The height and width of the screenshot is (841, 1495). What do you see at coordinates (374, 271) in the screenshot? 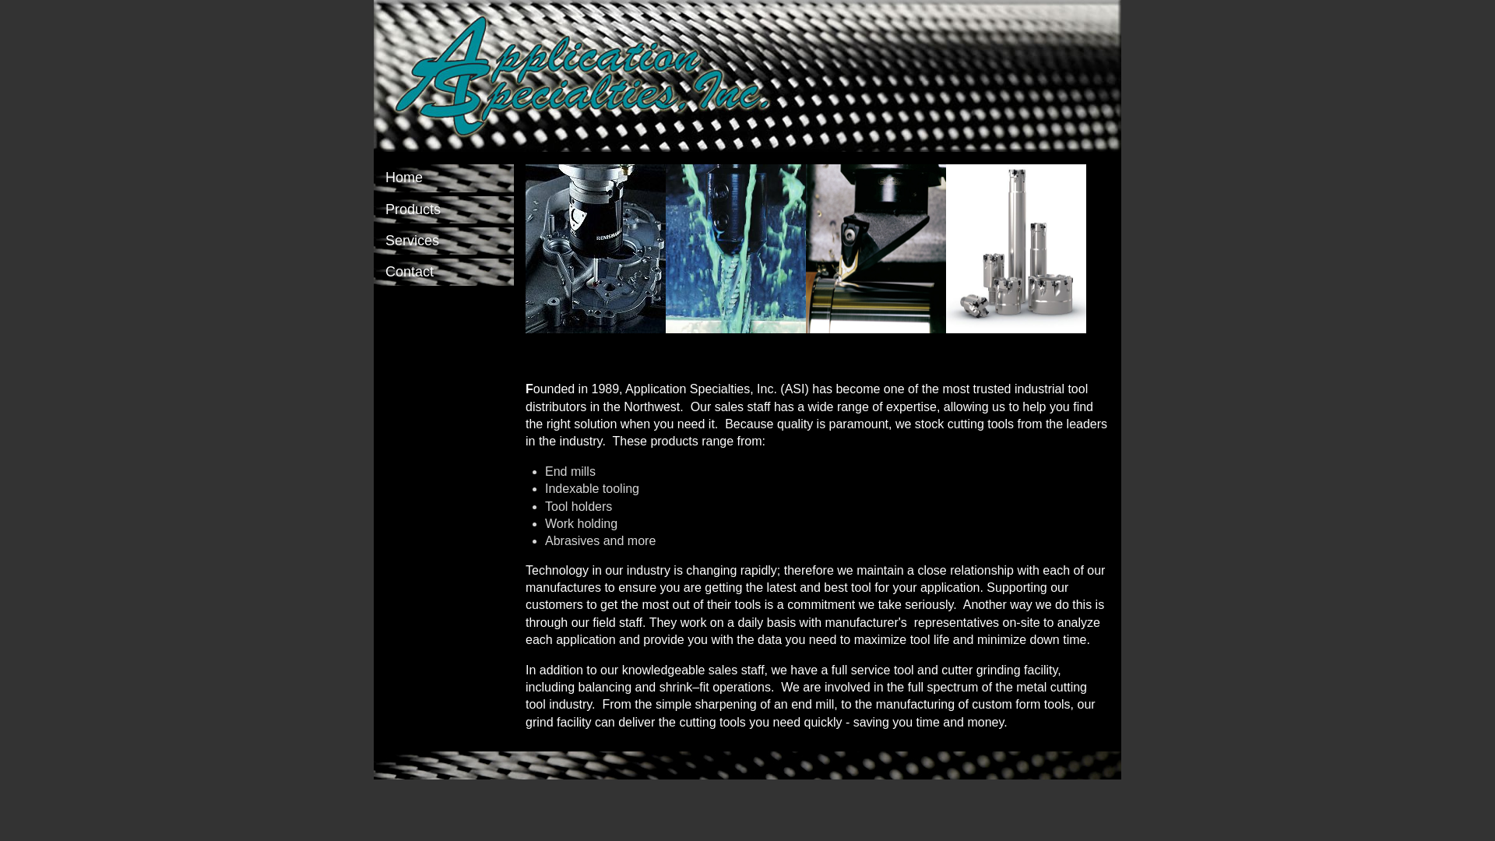
I see `'Contact'` at bounding box center [374, 271].